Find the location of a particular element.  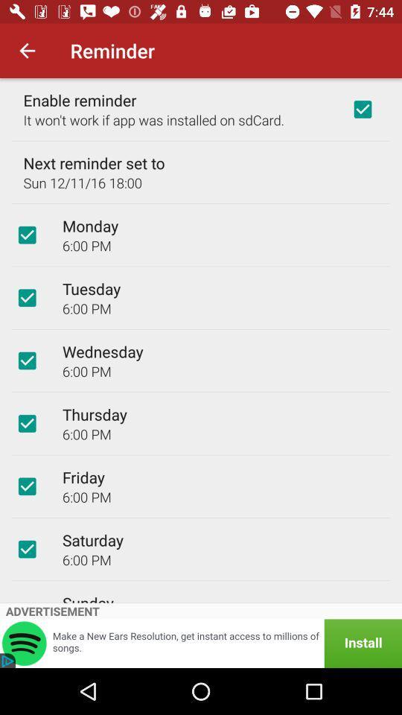

choose monday options is located at coordinates (27, 235).